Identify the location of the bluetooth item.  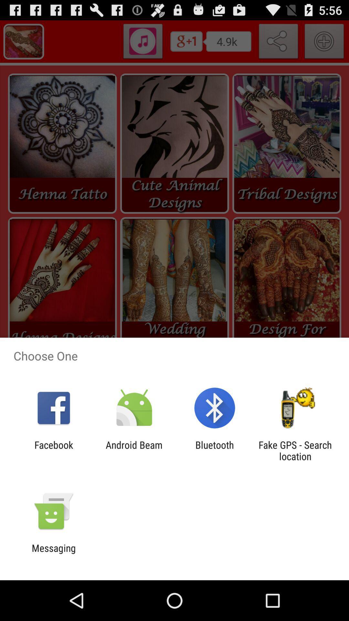
(215, 450).